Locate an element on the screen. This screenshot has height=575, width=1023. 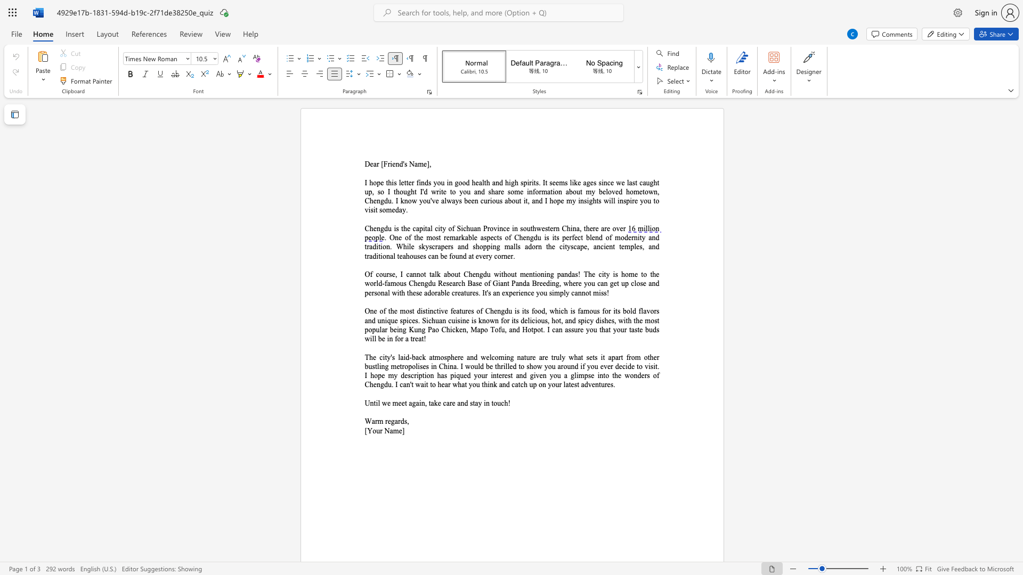
the space between the continuous character "o" and "u" in the text is located at coordinates (497, 403).